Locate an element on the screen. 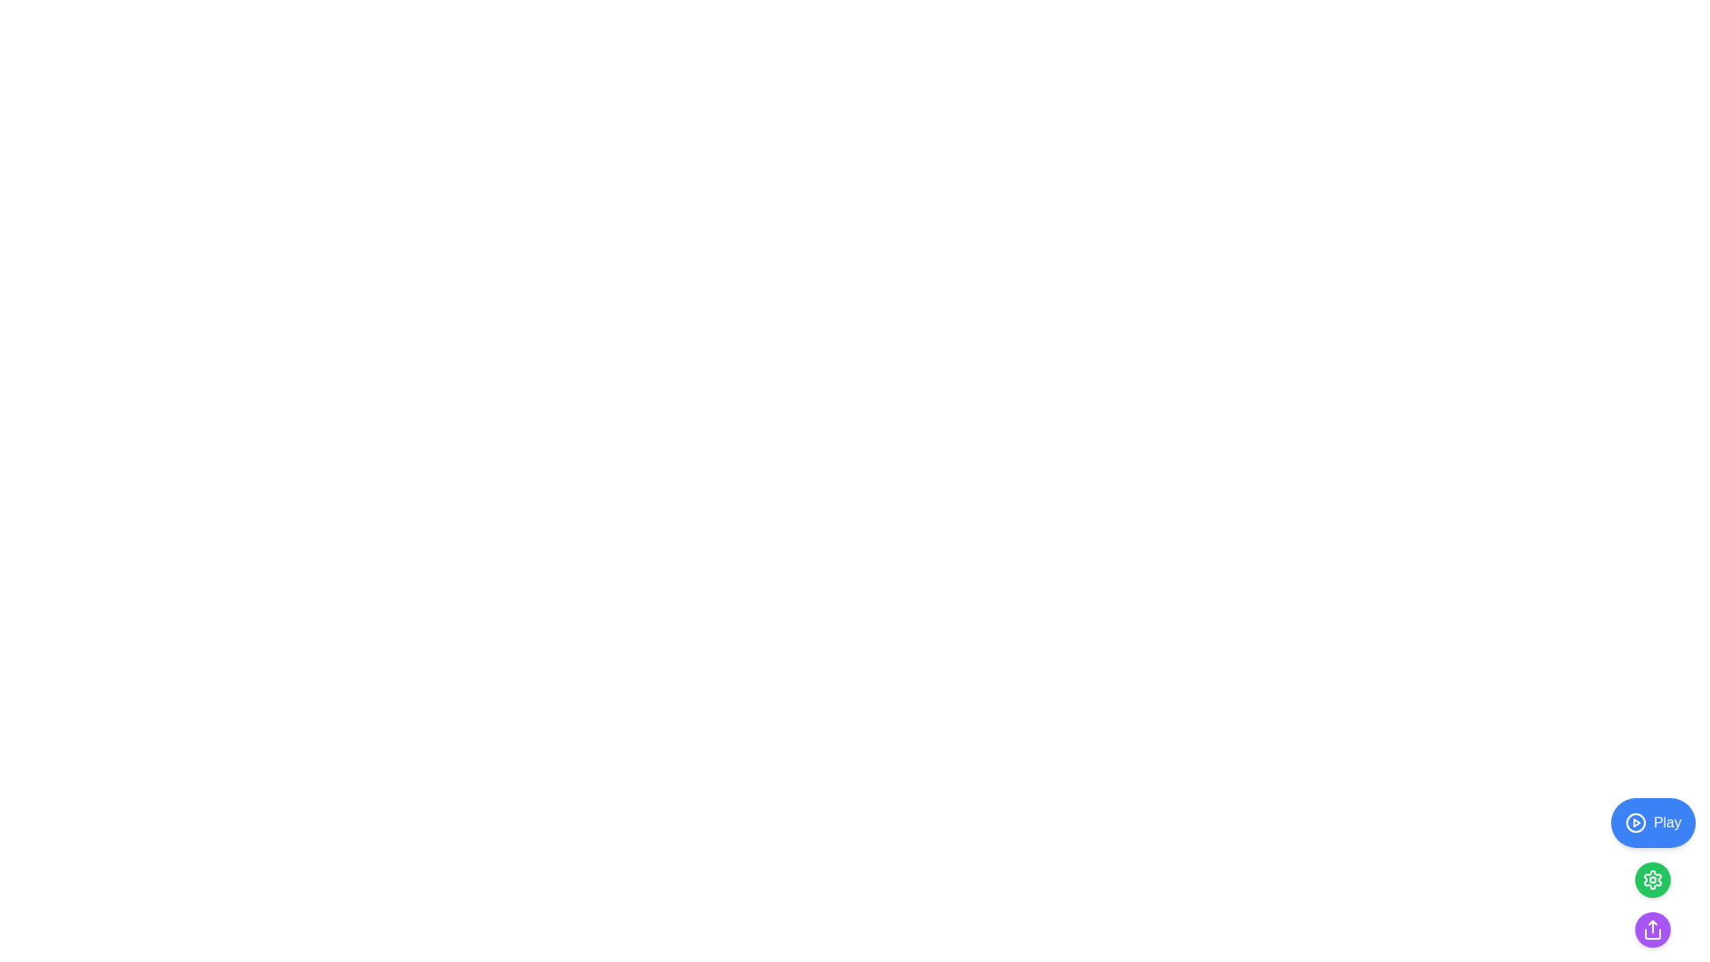  the circular icon element that is part of the 'Play' button located at the bottom right of the interface is located at coordinates (1635, 823).